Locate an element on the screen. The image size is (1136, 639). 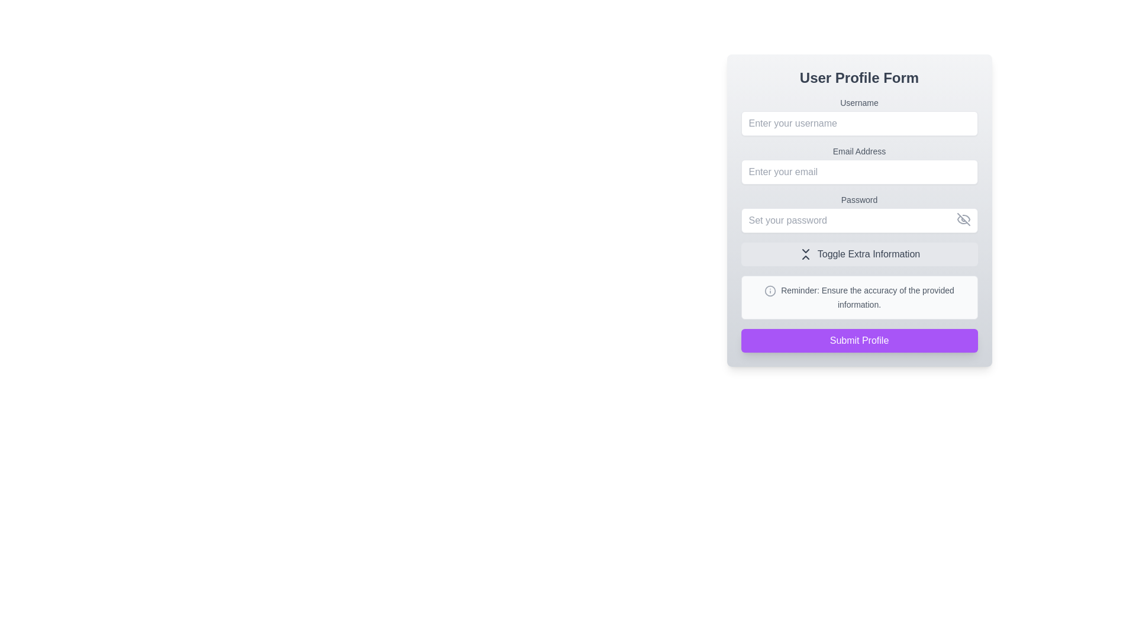
the curvilinear segment resembling part of an eye icon, located on the rightmost side among its sibling paths in the SVG is located at coordinates (966, 218).